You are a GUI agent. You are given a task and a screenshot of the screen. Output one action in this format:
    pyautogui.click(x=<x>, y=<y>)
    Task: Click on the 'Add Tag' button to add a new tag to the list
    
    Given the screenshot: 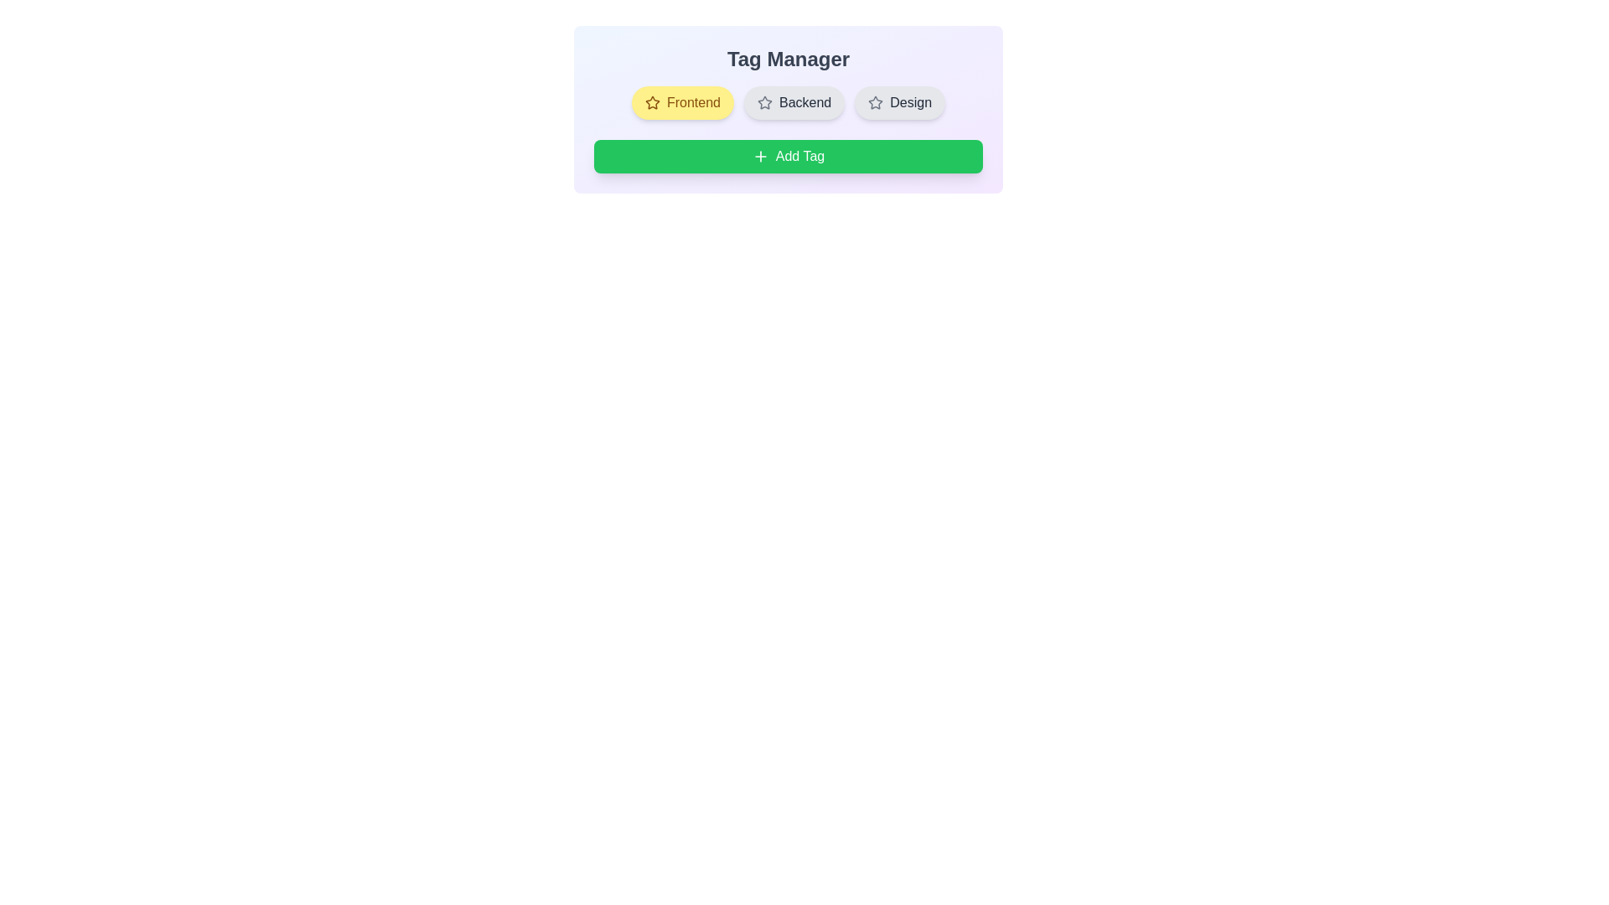 What is the action you would take?
    pyautogui.click(x=787, y=156)
    